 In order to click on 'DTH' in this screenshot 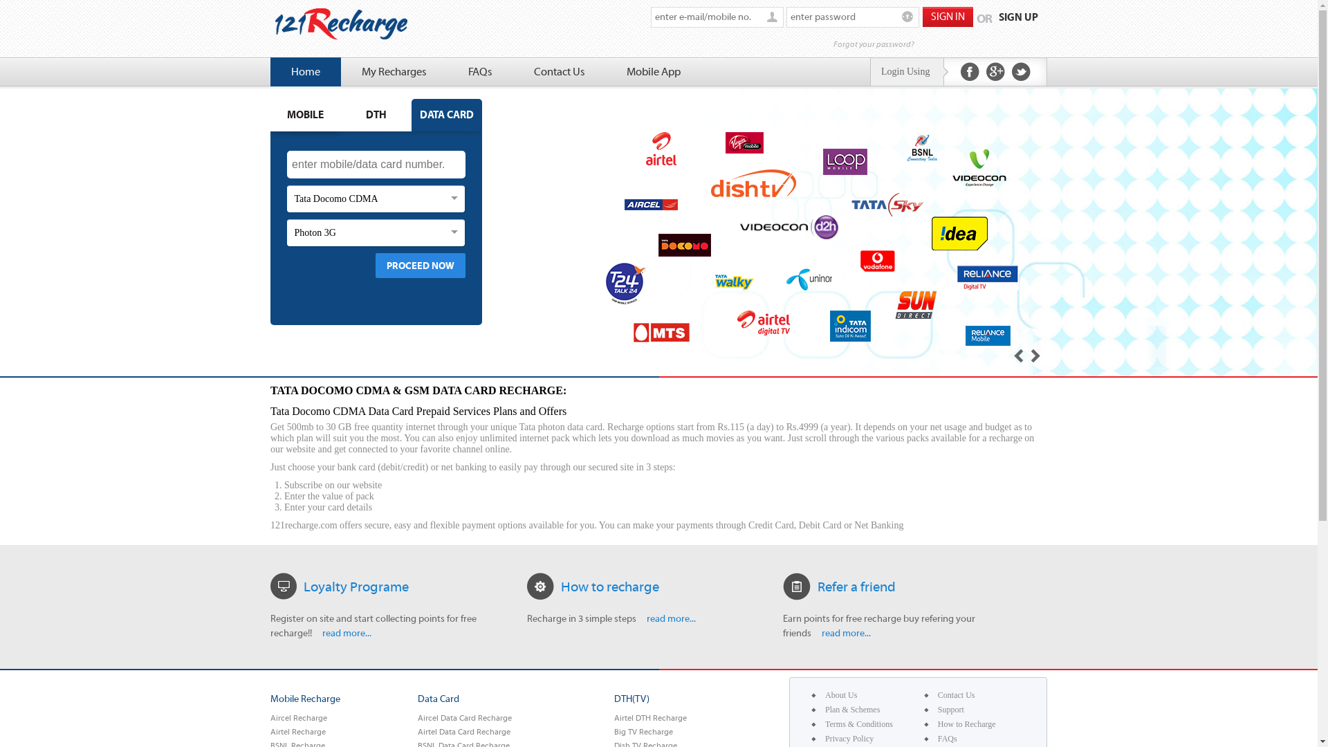, I will do `click(341, 114)`.